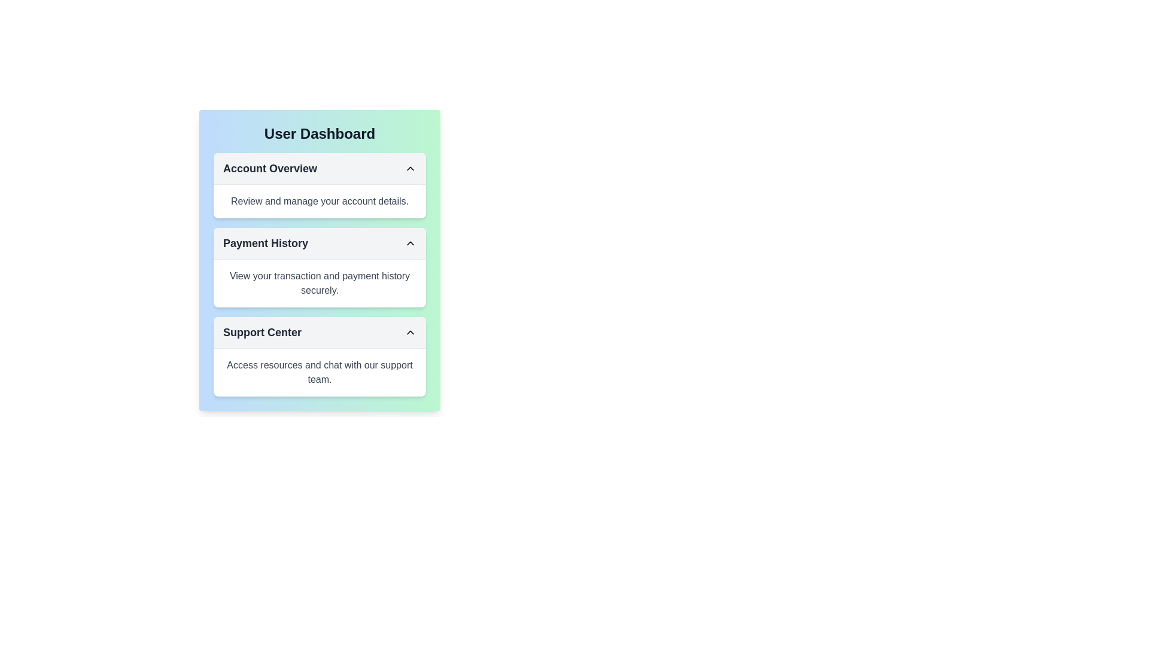  What do you see at coordinates (320, 283) in the screenshot?
I see `the Text label that provides information about securely viewing transaction and payment history, located in the 'Payment History' section below the header and above the 'Support Center'` at bounding box center [320, 283].